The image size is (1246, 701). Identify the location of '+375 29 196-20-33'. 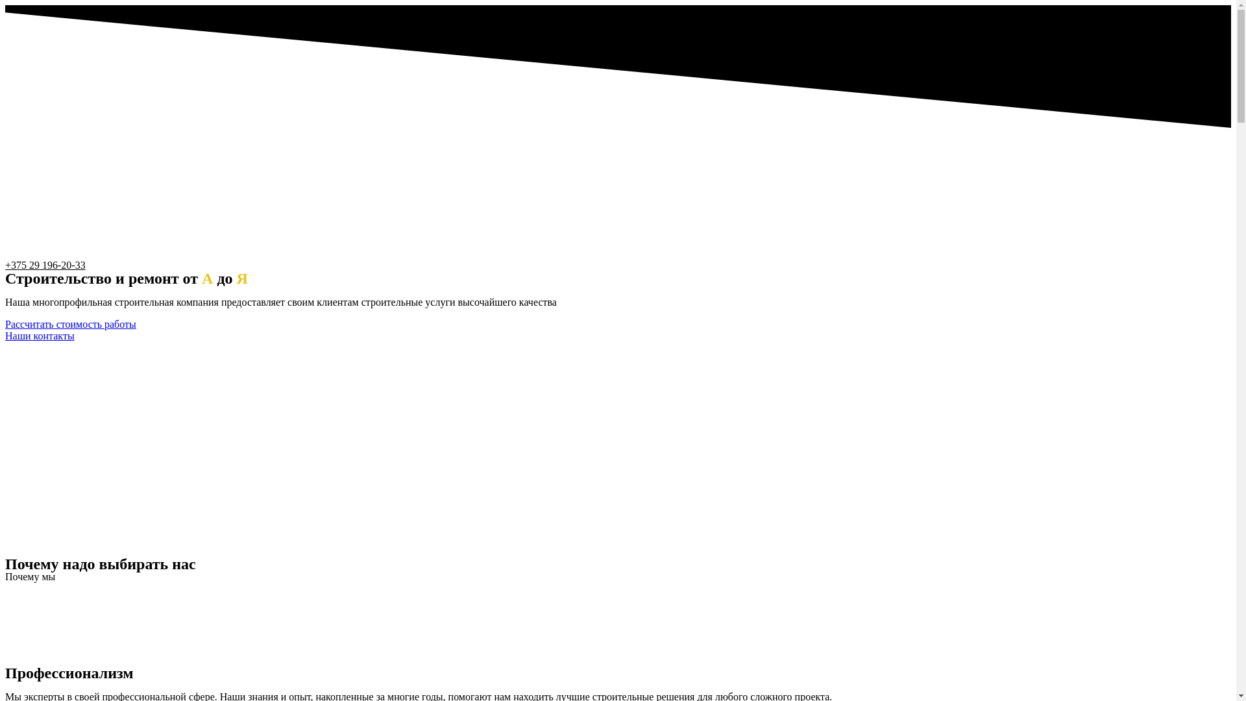
(45, 264).